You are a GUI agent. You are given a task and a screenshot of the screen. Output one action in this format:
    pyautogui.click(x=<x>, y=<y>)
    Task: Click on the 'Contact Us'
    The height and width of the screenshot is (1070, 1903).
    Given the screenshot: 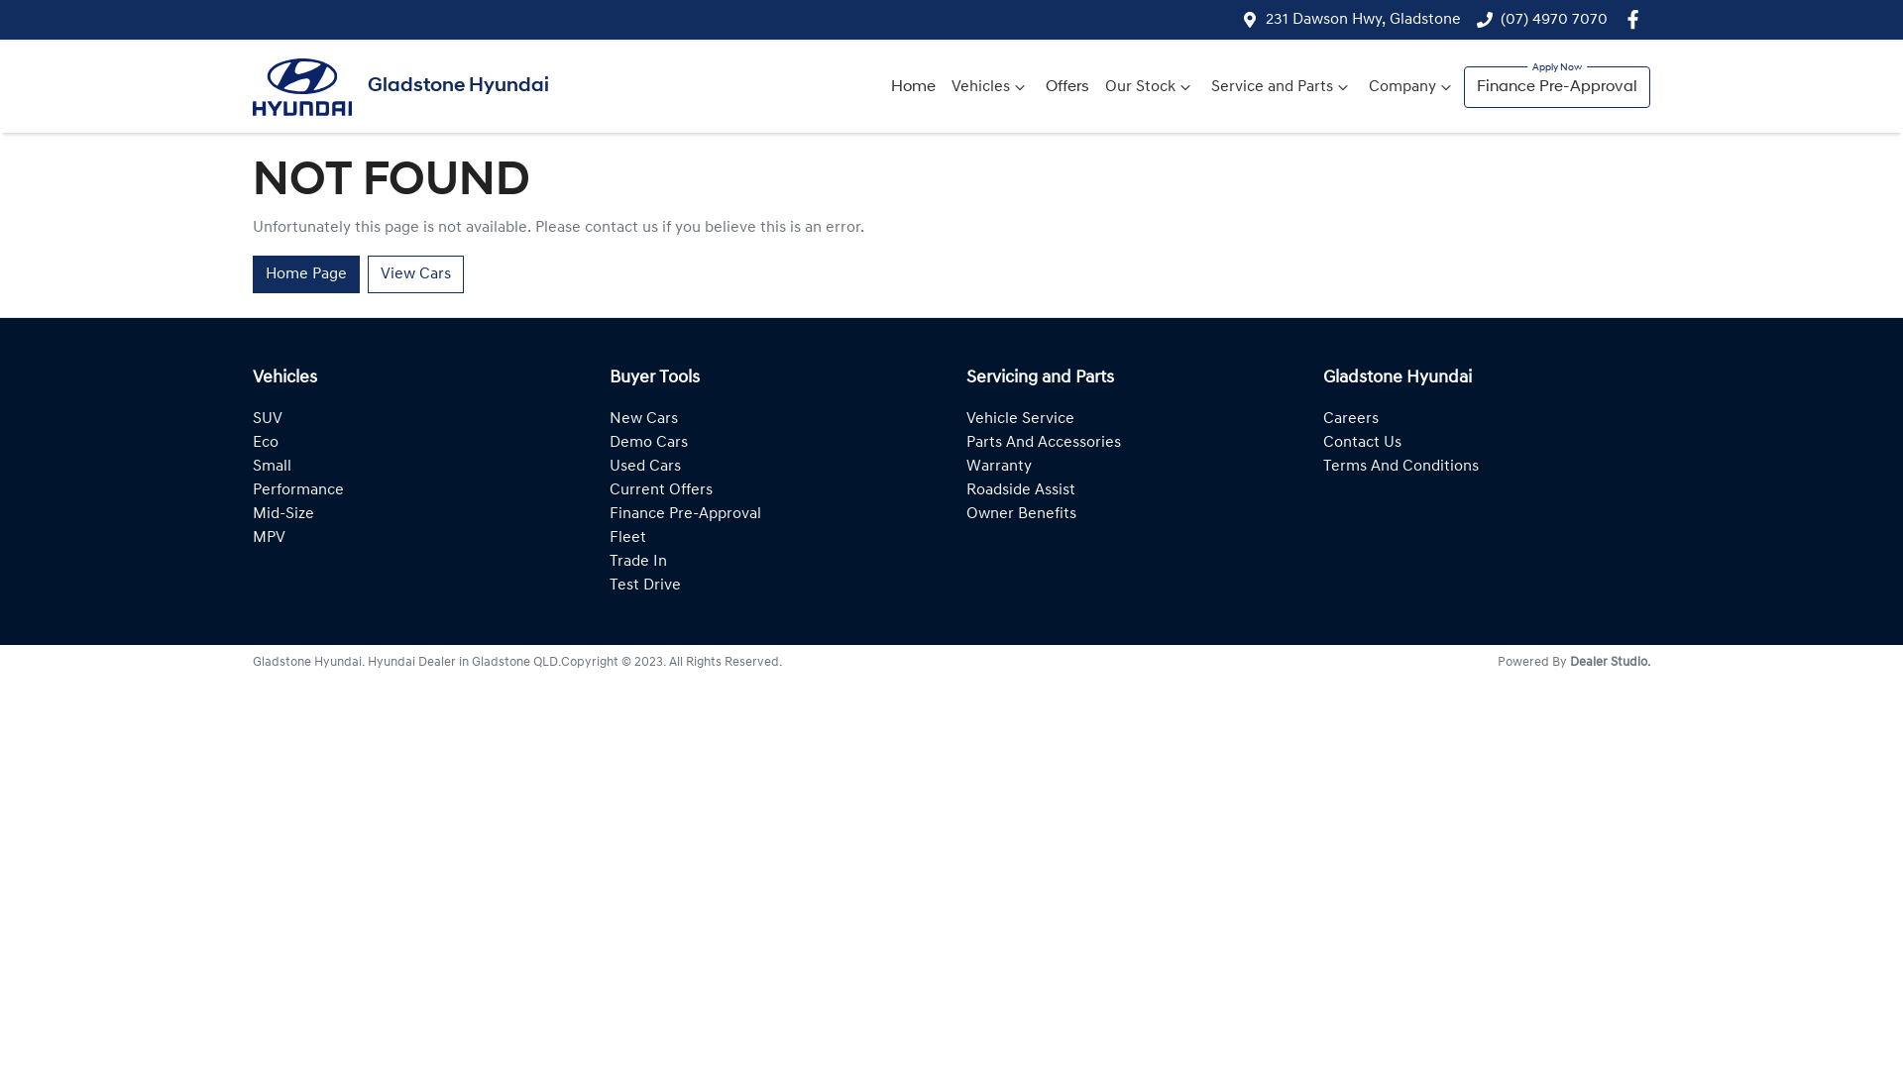 What is the action you would take?
    pyautogui.click(x=1361, y=442)
    